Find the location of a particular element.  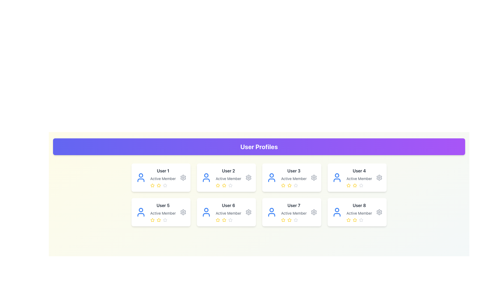

the user icon located within the 'User 6 Active Member' card, positioned on the left side above the textual content, serving as a visual identifier for the user is located at coordinates (206, 212).